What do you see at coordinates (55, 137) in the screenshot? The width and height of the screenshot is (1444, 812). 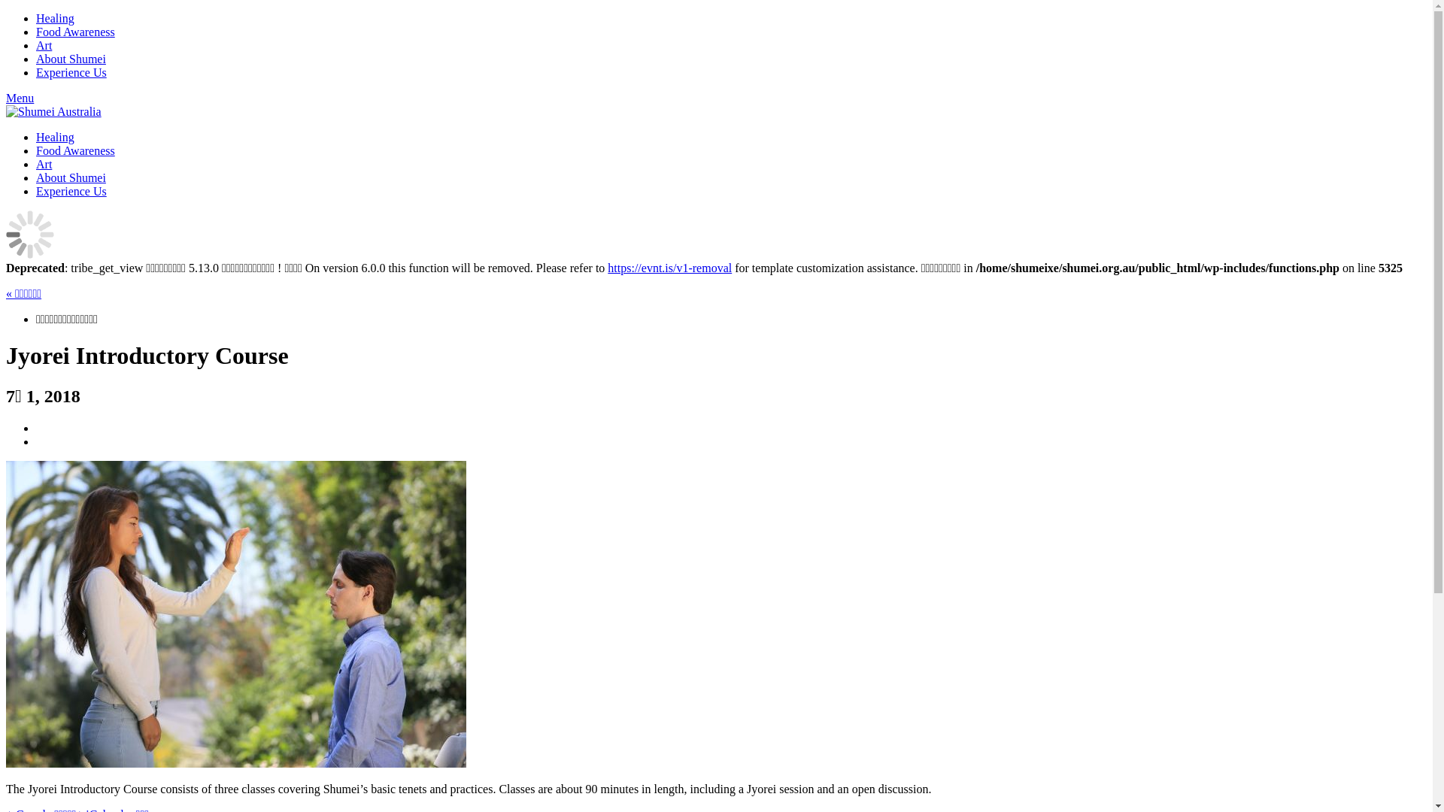 I see `'Healing'` at bounding box center [55, 137].